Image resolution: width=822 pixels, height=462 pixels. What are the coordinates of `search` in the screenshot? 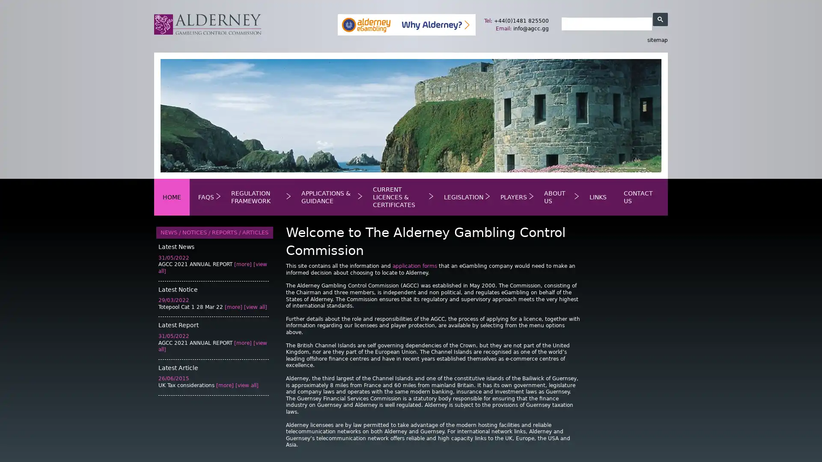 It's located at (660, 19).